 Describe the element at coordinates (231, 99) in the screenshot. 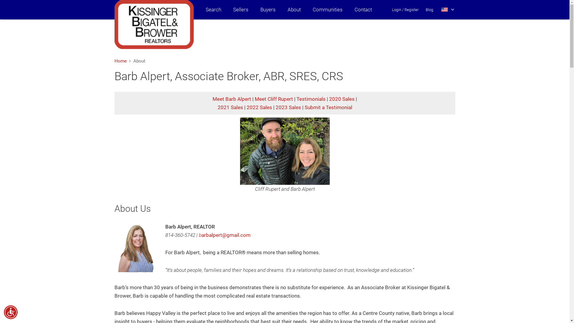

I see `'Meet Barb Alpert'` at that location.